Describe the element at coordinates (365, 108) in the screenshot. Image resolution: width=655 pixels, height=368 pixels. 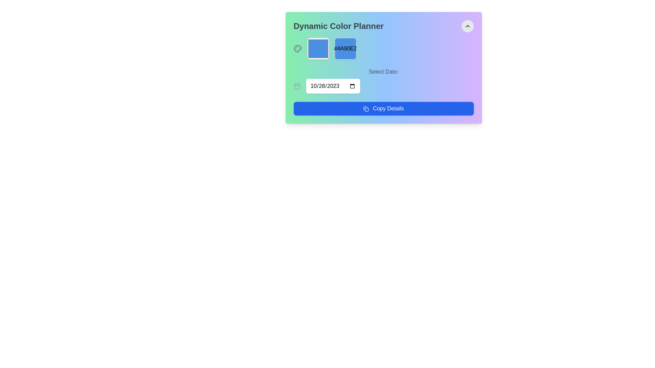
I see `the 'Copy Details' button located at the bottom center of the card, which contains a clipboard icon within a blue rounded rectangle` at that location.